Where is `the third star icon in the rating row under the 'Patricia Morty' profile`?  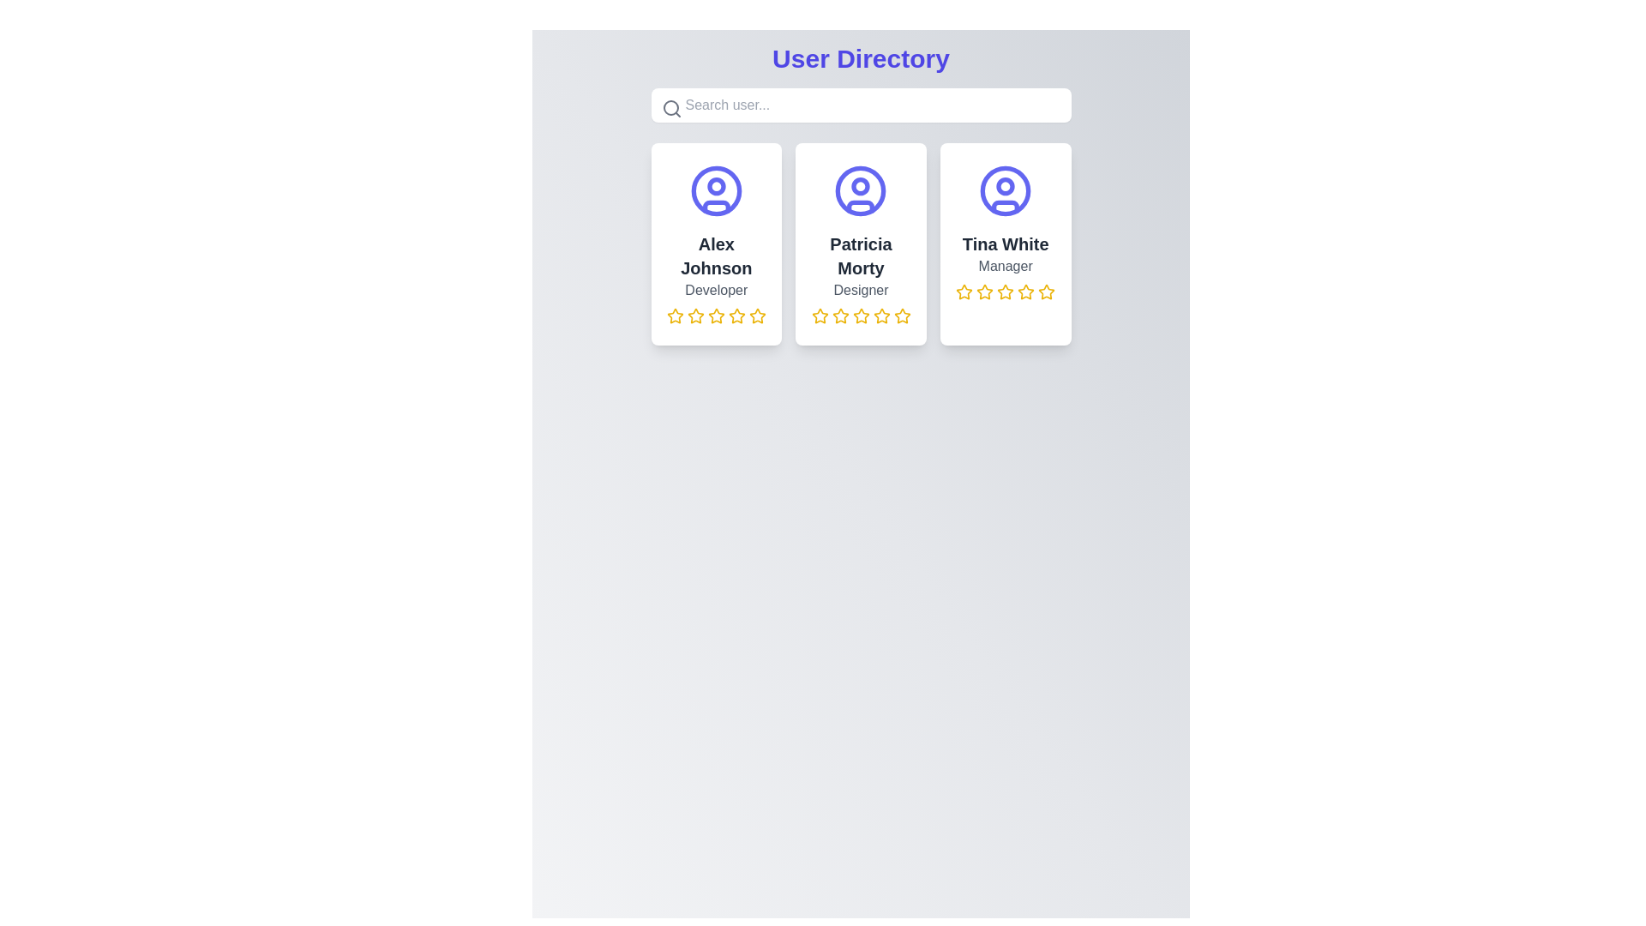
the third star icon in the rating row under the 'Patricia Morty' profile is located at coordinates (840, 316).